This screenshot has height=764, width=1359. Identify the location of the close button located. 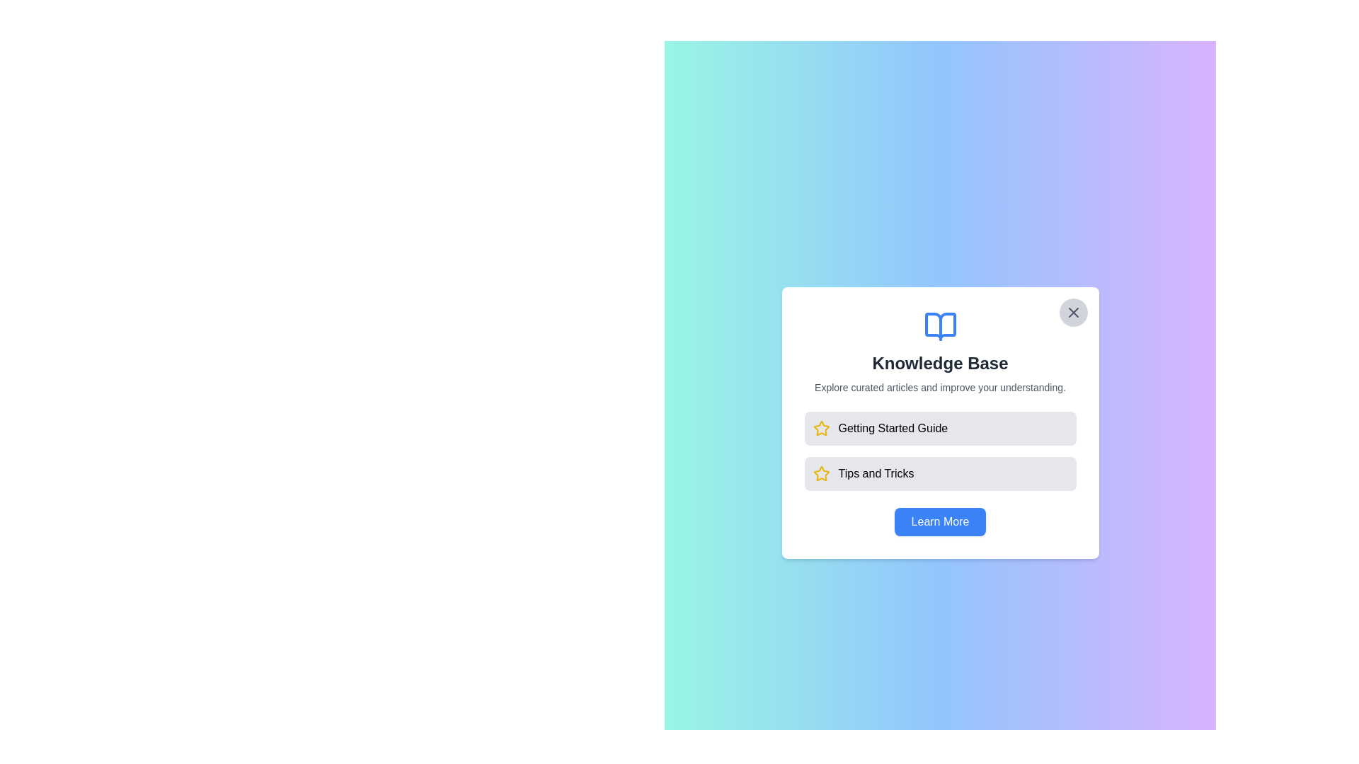
(1073, 312).